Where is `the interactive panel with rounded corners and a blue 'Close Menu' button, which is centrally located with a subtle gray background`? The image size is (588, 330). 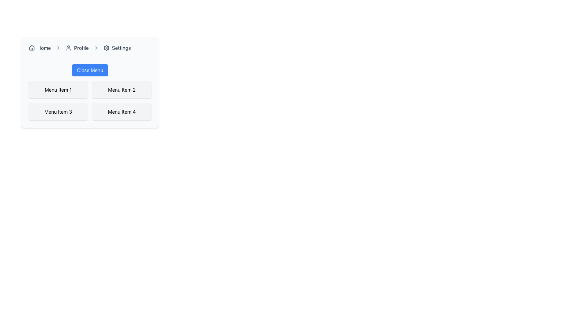 the interactive panel with rounded corners and a blue 'Close Menu' button, which is centrally located with a subtle gray background is located at coordinates (89, 82).